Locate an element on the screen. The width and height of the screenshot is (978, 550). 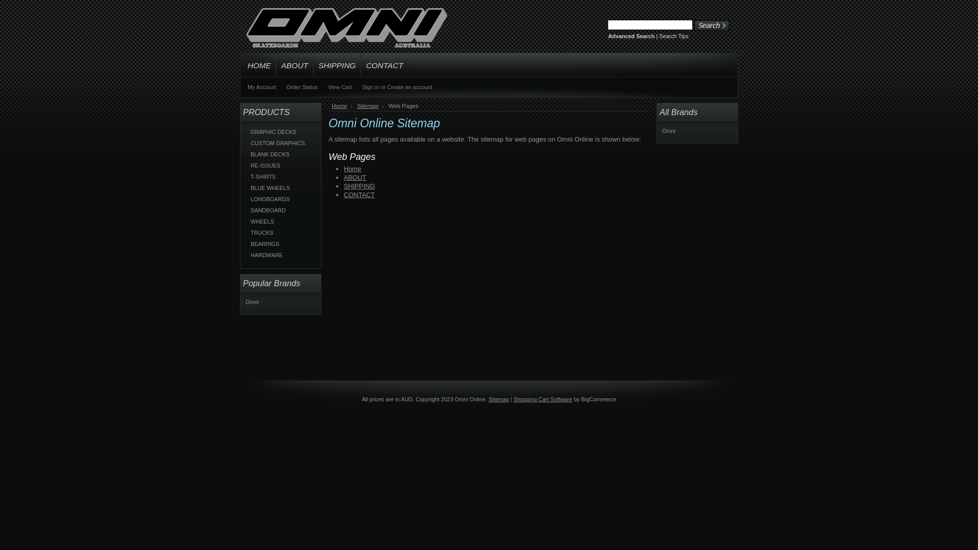
'View Cart' is located at coordinates (340, 86).